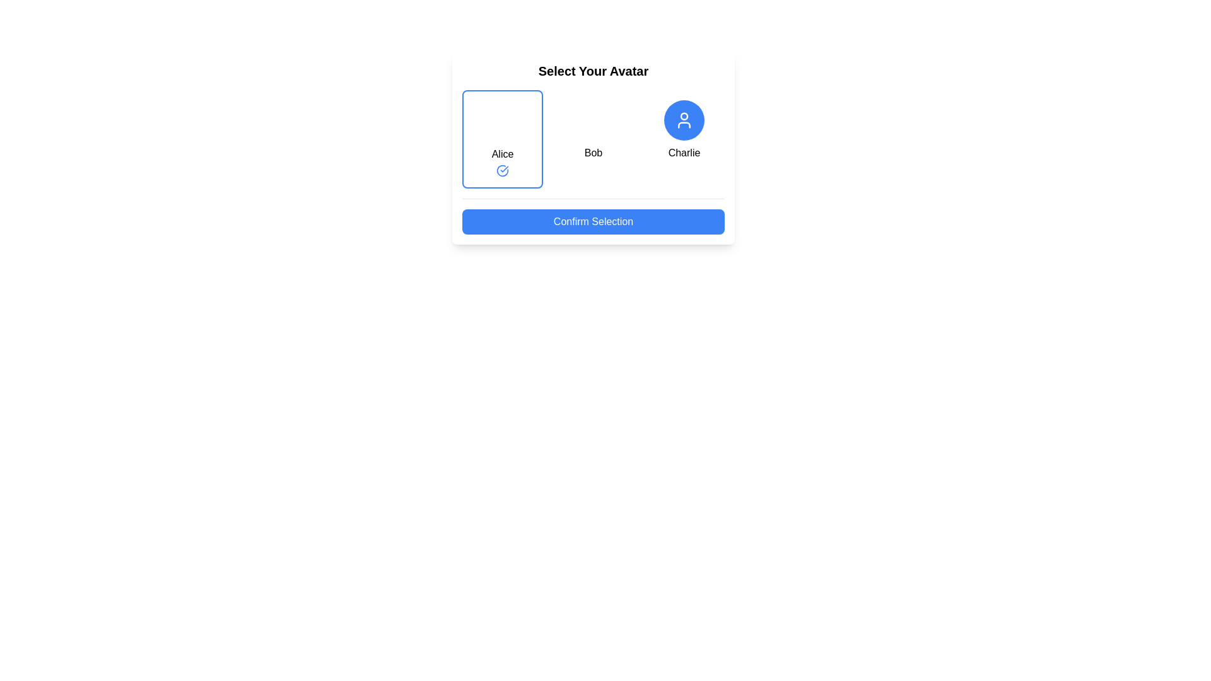 Image resolution: width=1211 pixels, height=681 pixels. What do you see at coordinates (501, 121) in the screenshot?
I see `the User Profile Icon, which is a white circular icon representing a user profile, centrally located within a red circular background in the 'Alice' avatar selection interface under the title 'Select Your Avatar'` at bounding box center [501, 121].